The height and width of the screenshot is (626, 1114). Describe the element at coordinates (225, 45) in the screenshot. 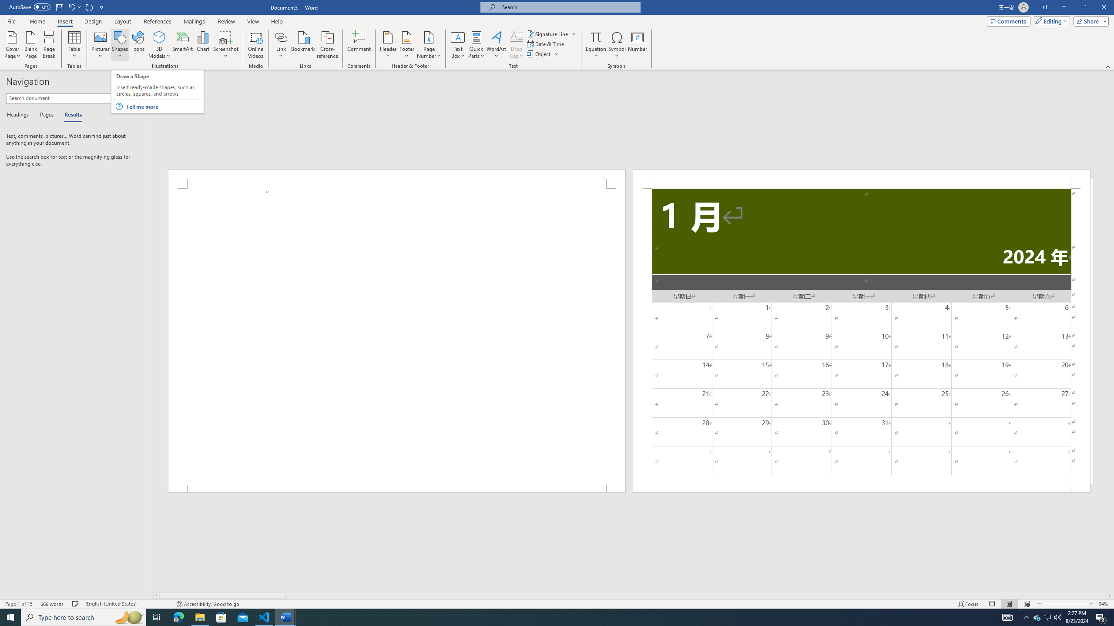

I see `'Screenshot'` at that location.